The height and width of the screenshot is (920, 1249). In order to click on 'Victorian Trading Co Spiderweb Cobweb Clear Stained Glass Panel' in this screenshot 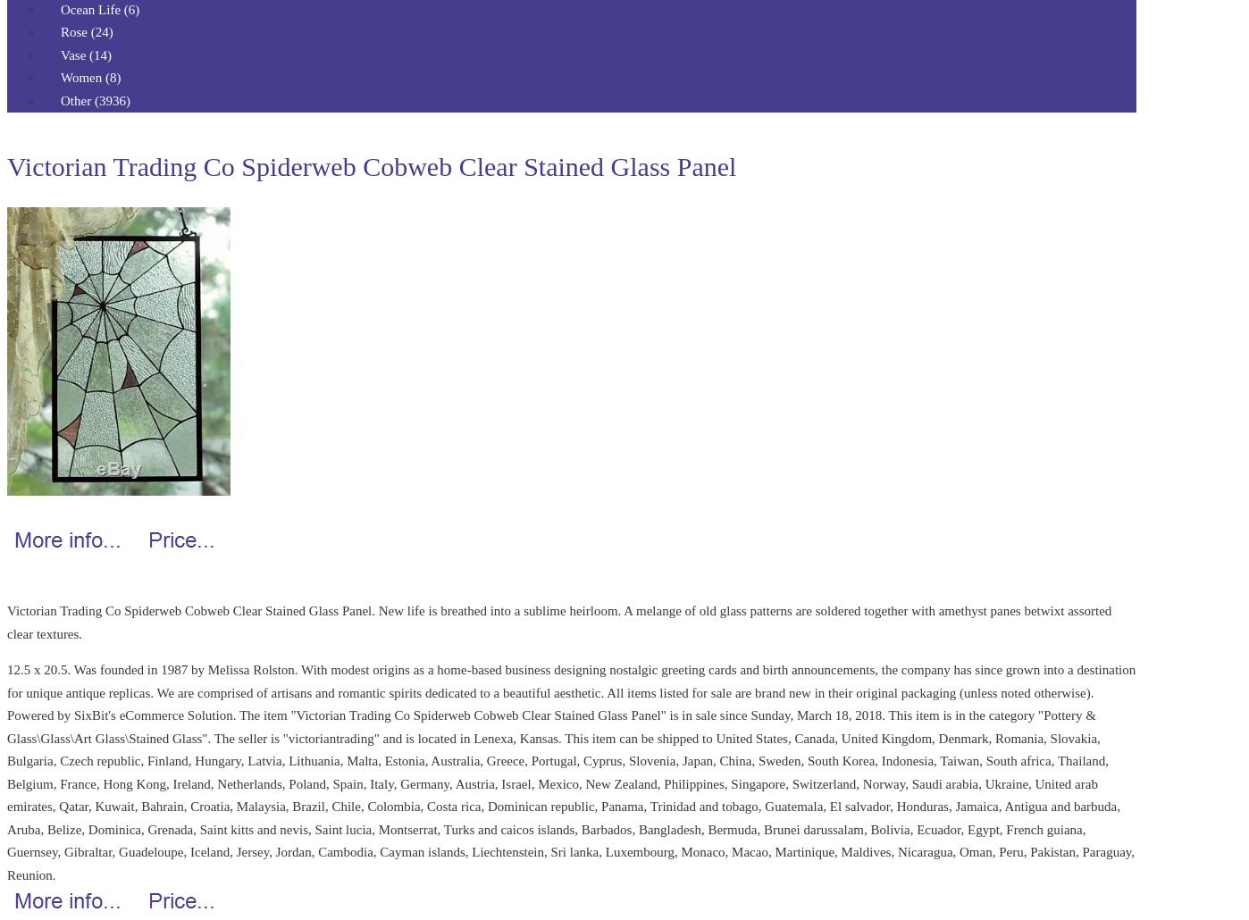, I will do `click(6, 166)`.